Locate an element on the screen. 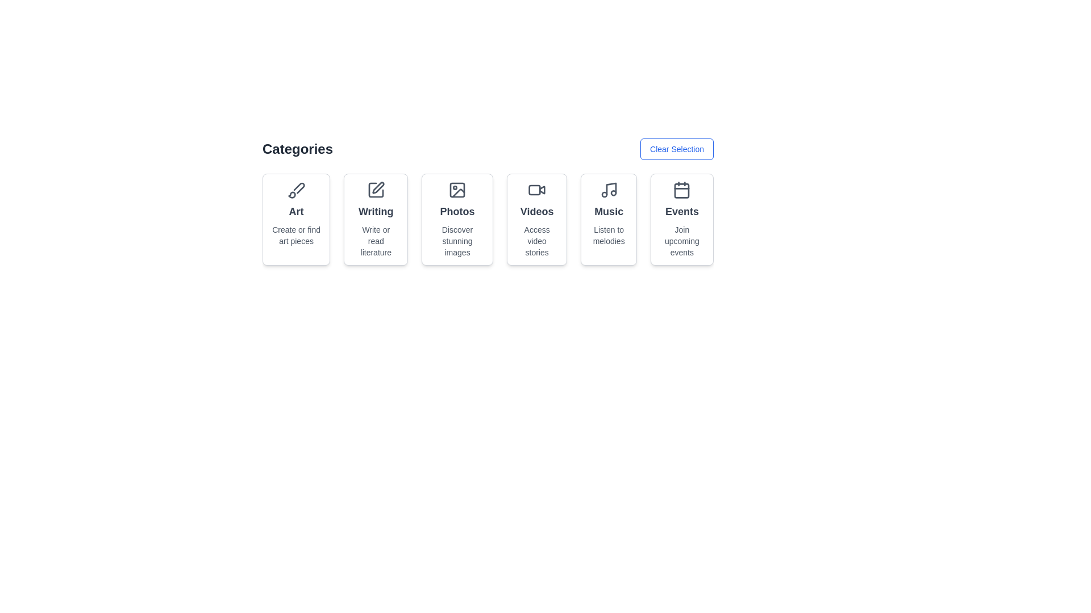 This screenshot has height=613, width=1091. the 'Writing' category icon, which is located at the top of the 'Writing' card and serves as a symbolic indicator for writing is located at coordinates (376, 190).